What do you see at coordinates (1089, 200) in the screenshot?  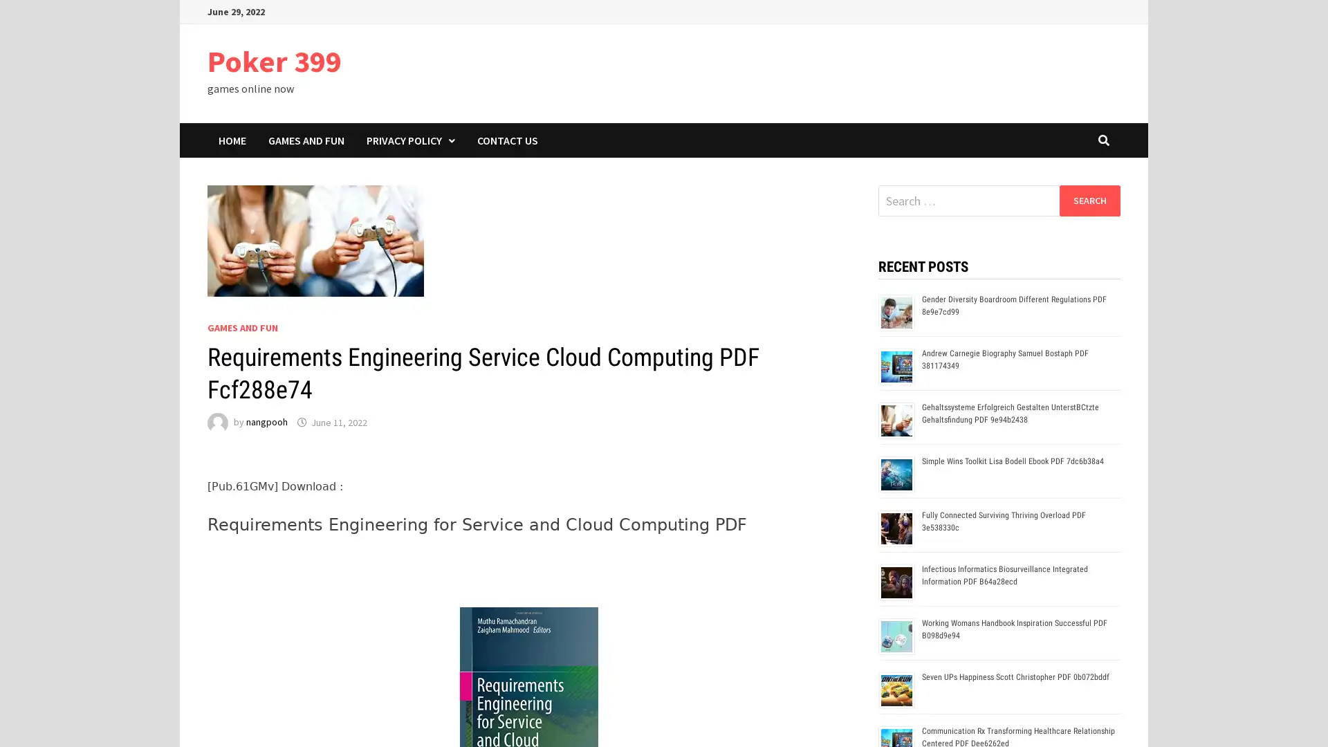 I see `Search` at bounding box center [1089, 200].